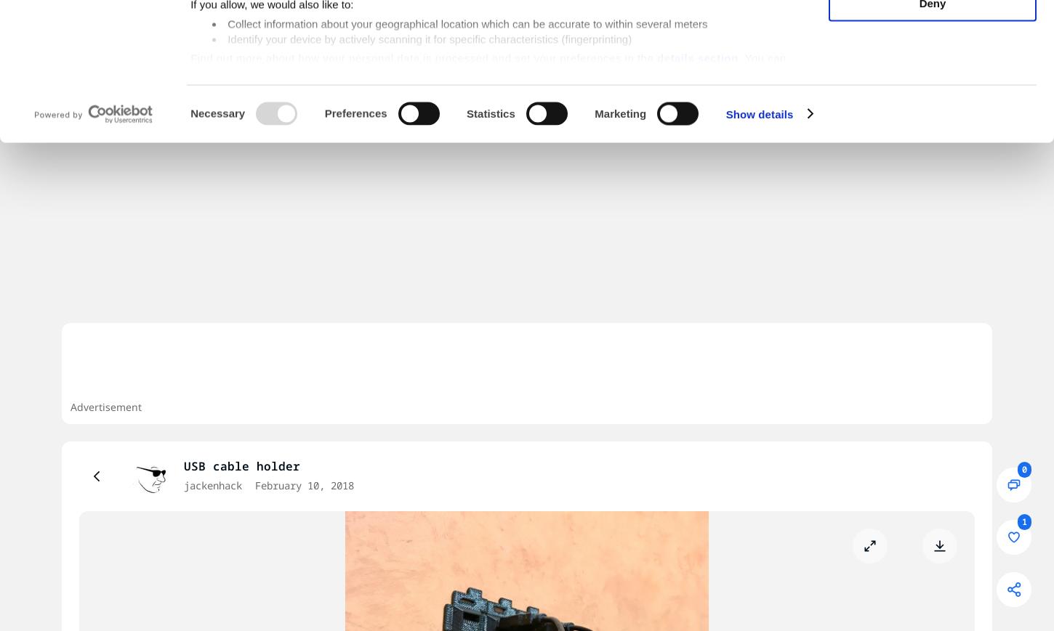 This screenshot has width=1054, height=631. Describe the element at coordinates (430, 155) in the screenshot. I see `'Identify your device by actively scanning it for specific characteristics (fingerprinting)'` at that location.